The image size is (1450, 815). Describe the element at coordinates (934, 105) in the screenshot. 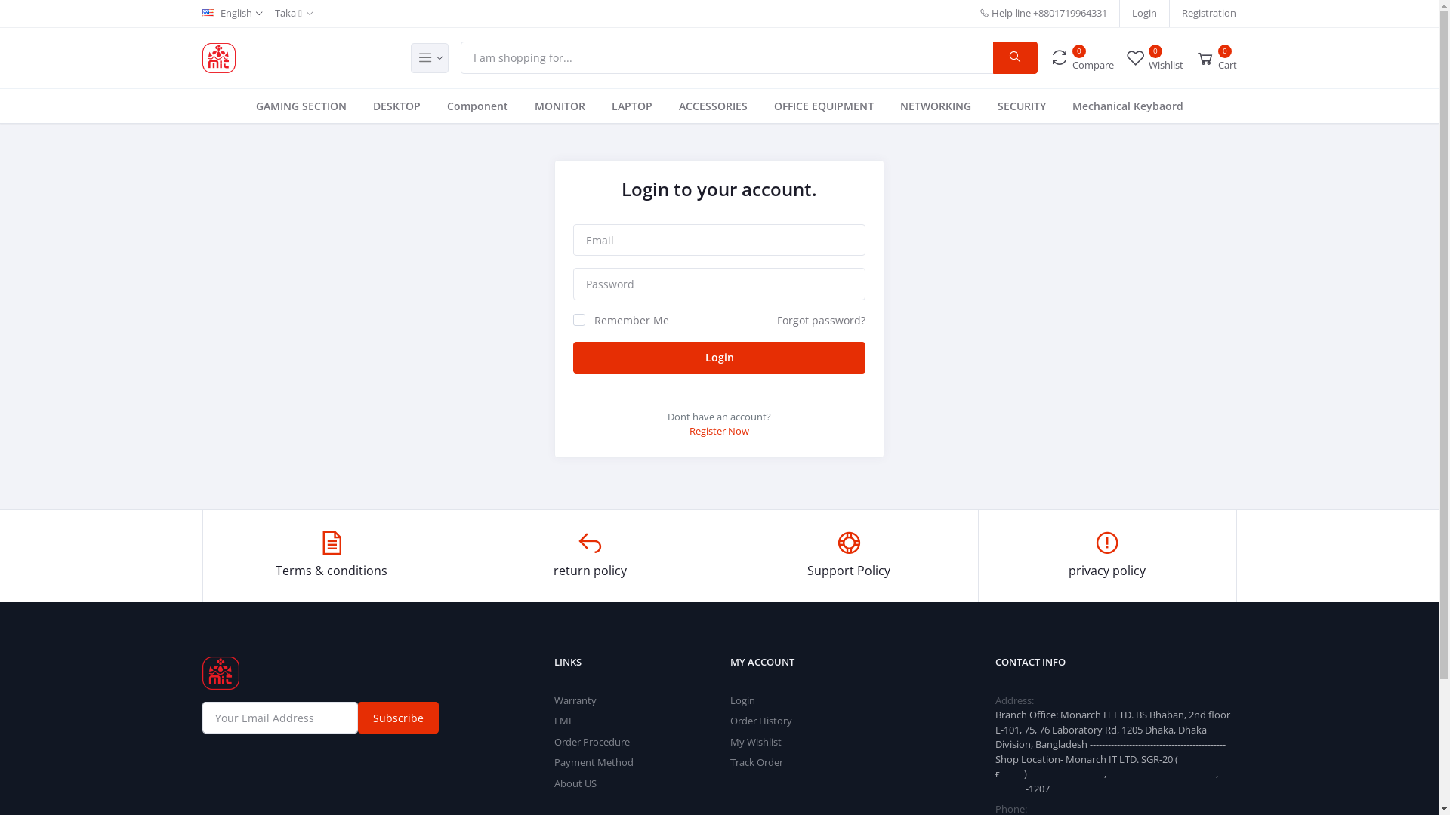

I see `'NETWORKING'` at that location.